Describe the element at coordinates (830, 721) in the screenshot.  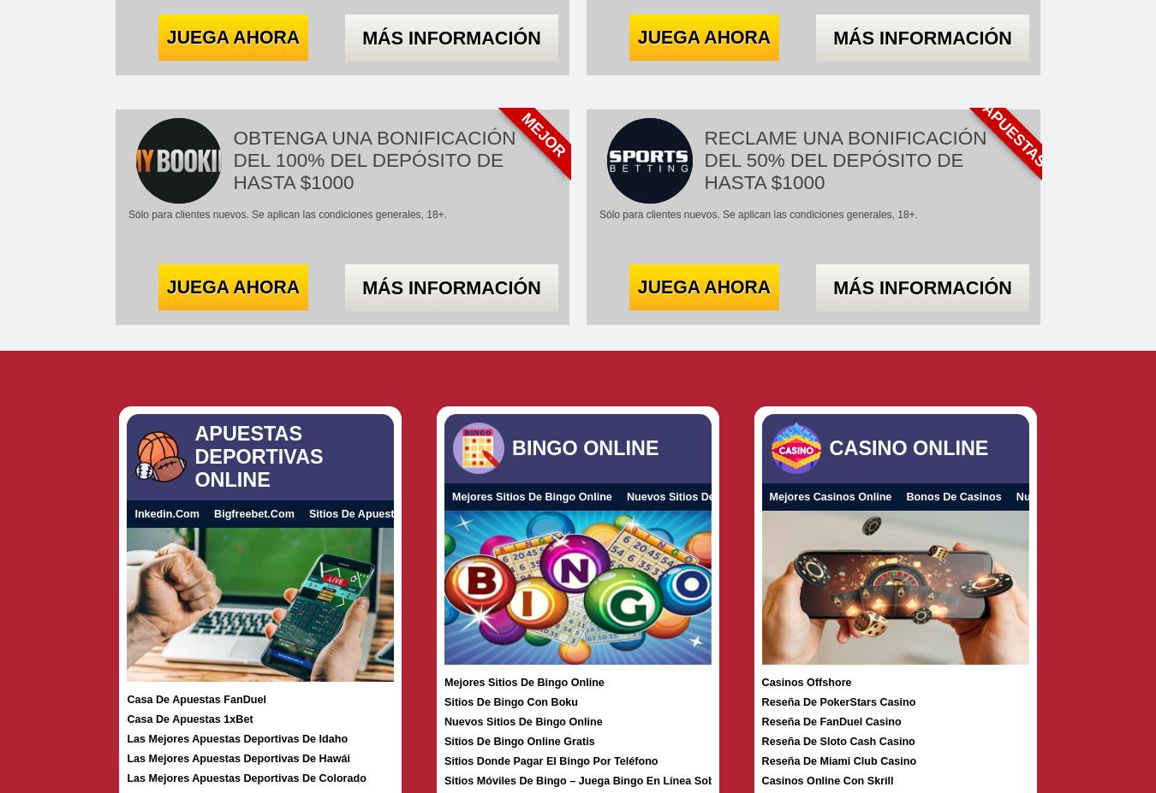
I see `'Reseña De FanDuel Casino'` at that location.